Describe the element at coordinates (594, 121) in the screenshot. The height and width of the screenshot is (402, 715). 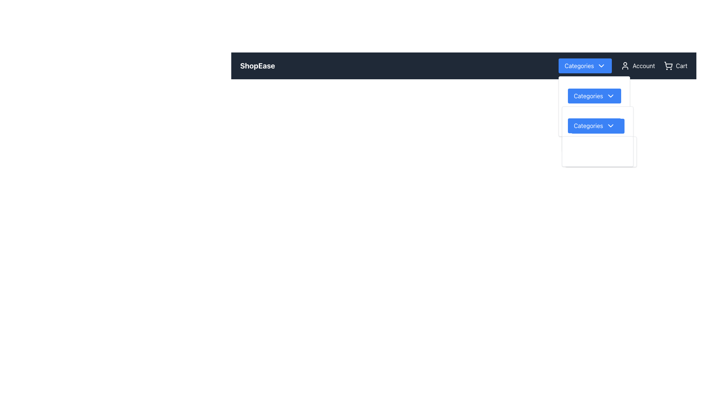
I see `the Dropdown Button positioned below the 'Categories' button` at that location.